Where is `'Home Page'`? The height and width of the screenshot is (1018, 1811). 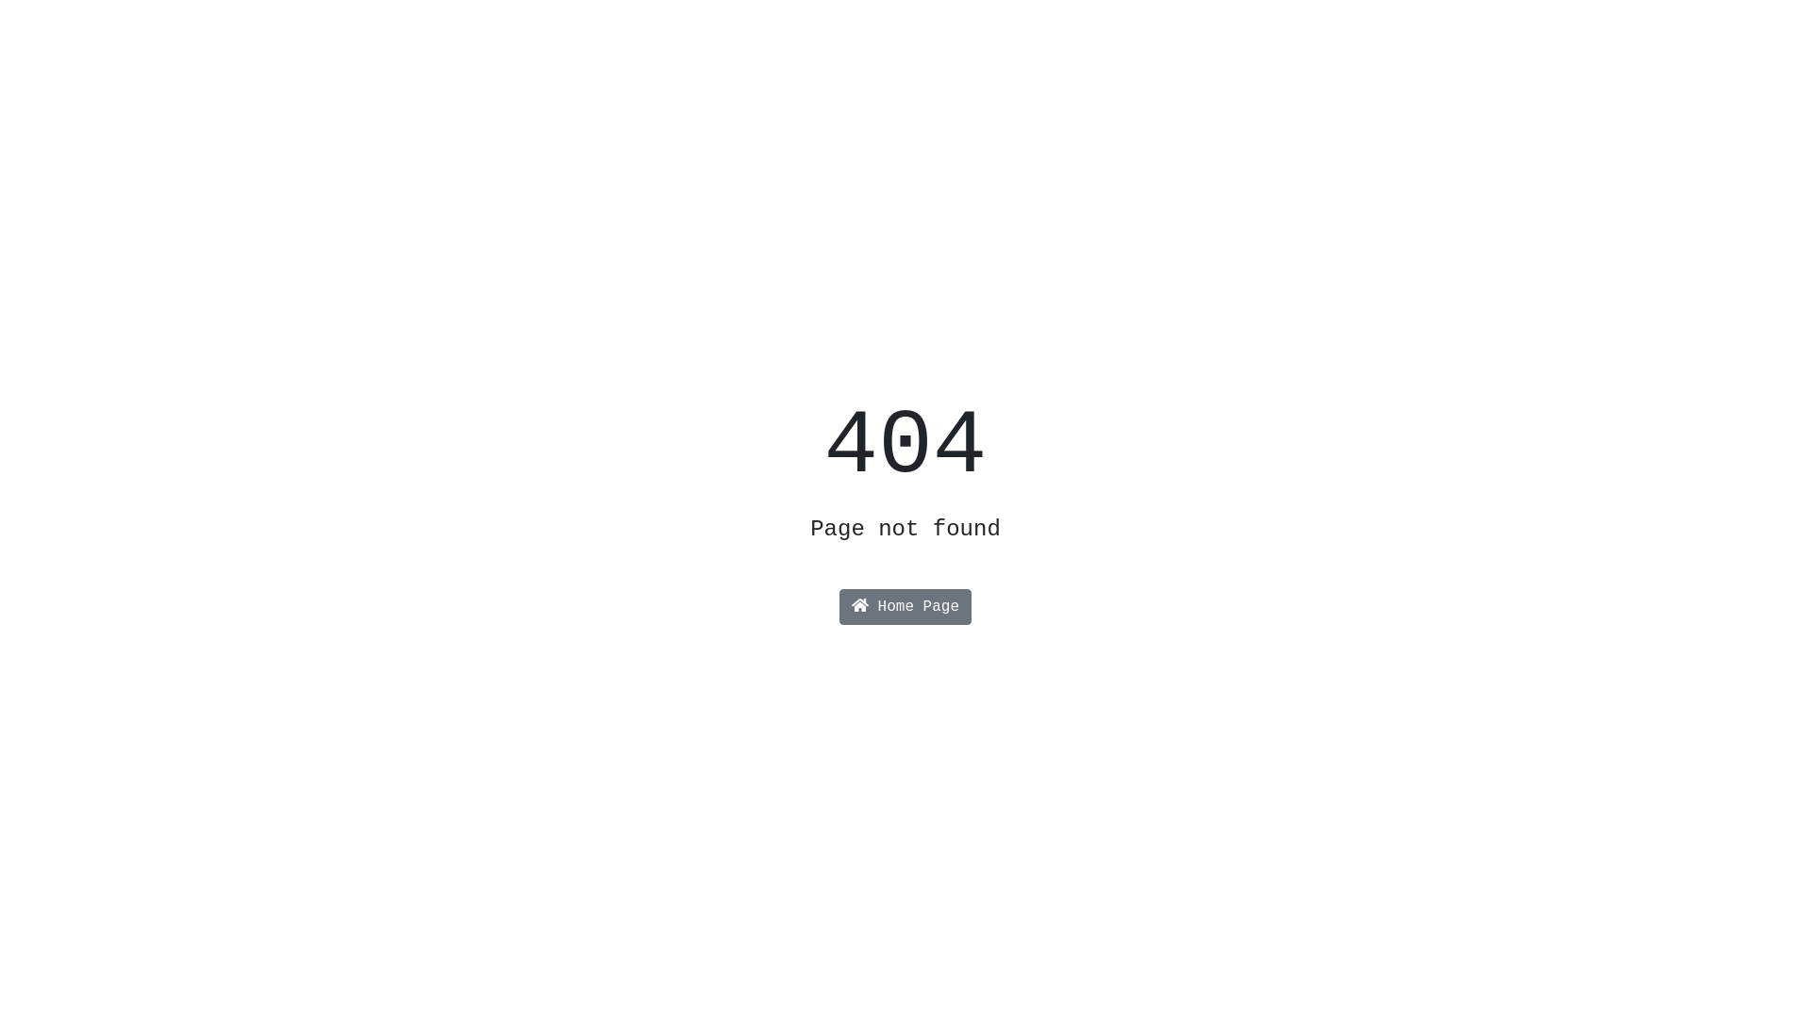
'Home Page' is located at coordinates (905, 607).